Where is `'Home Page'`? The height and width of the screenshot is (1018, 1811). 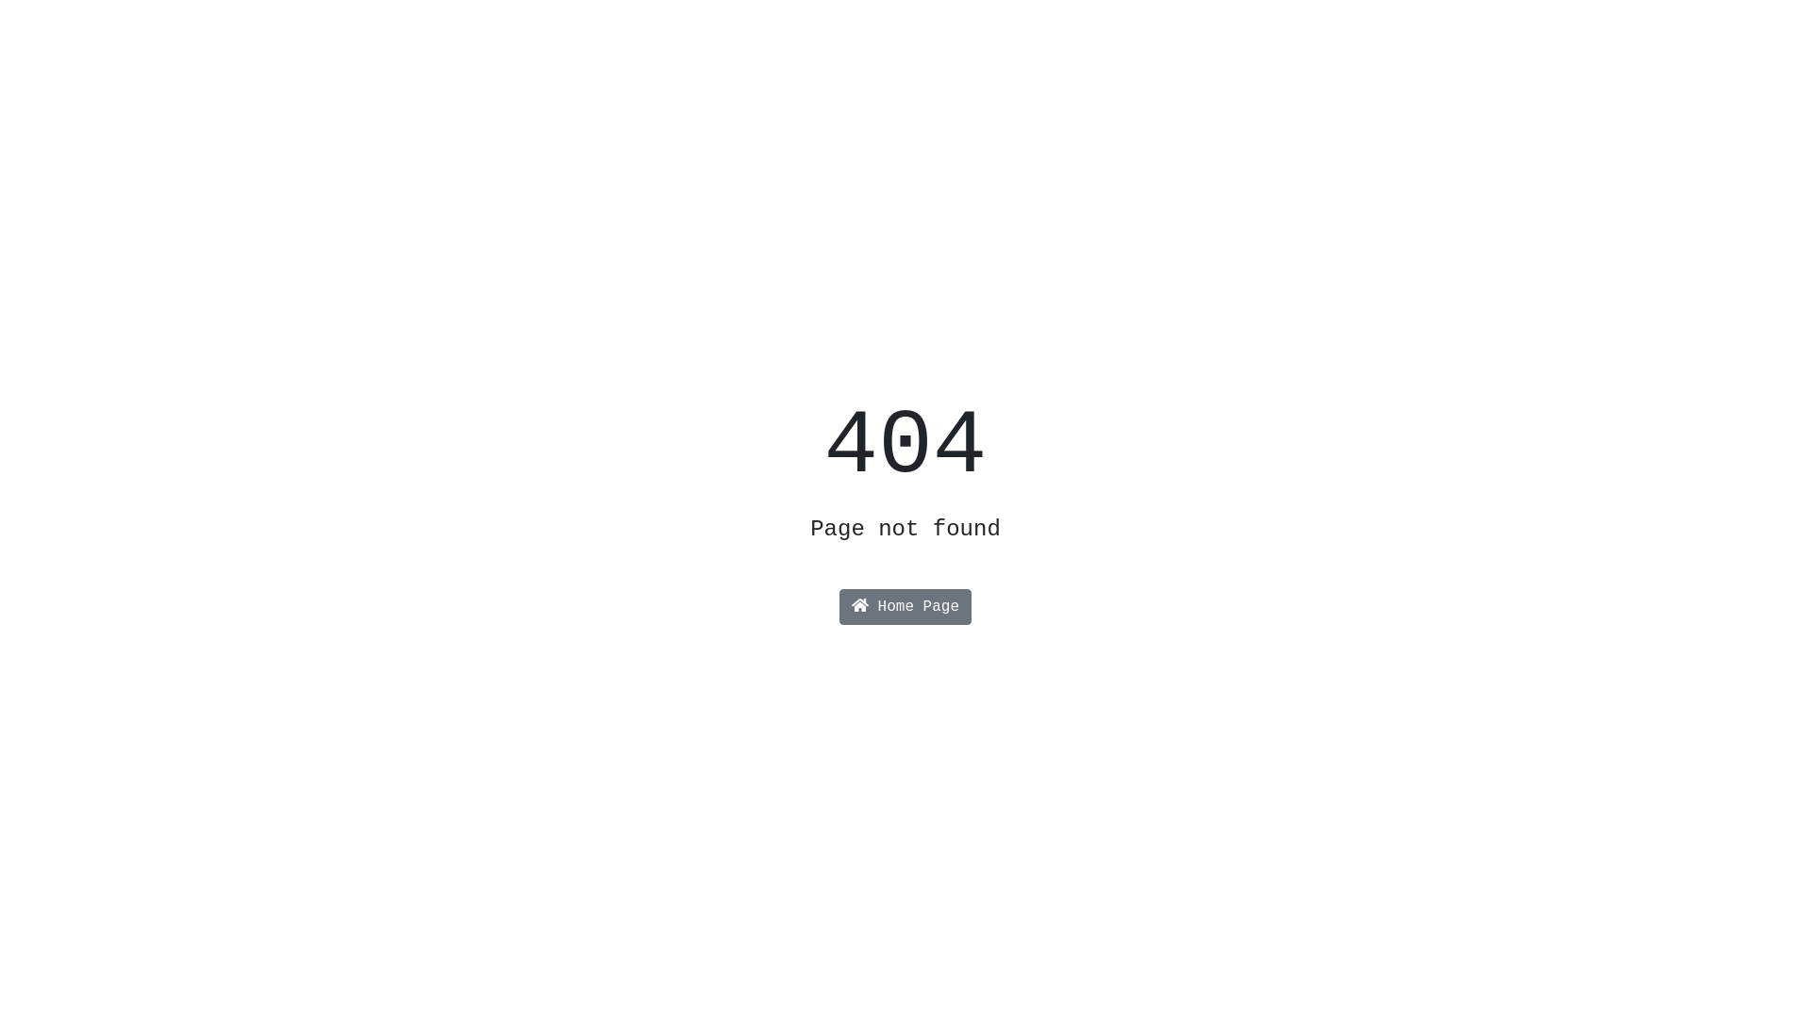
'Home Page' is located at coordinates (905, 607).